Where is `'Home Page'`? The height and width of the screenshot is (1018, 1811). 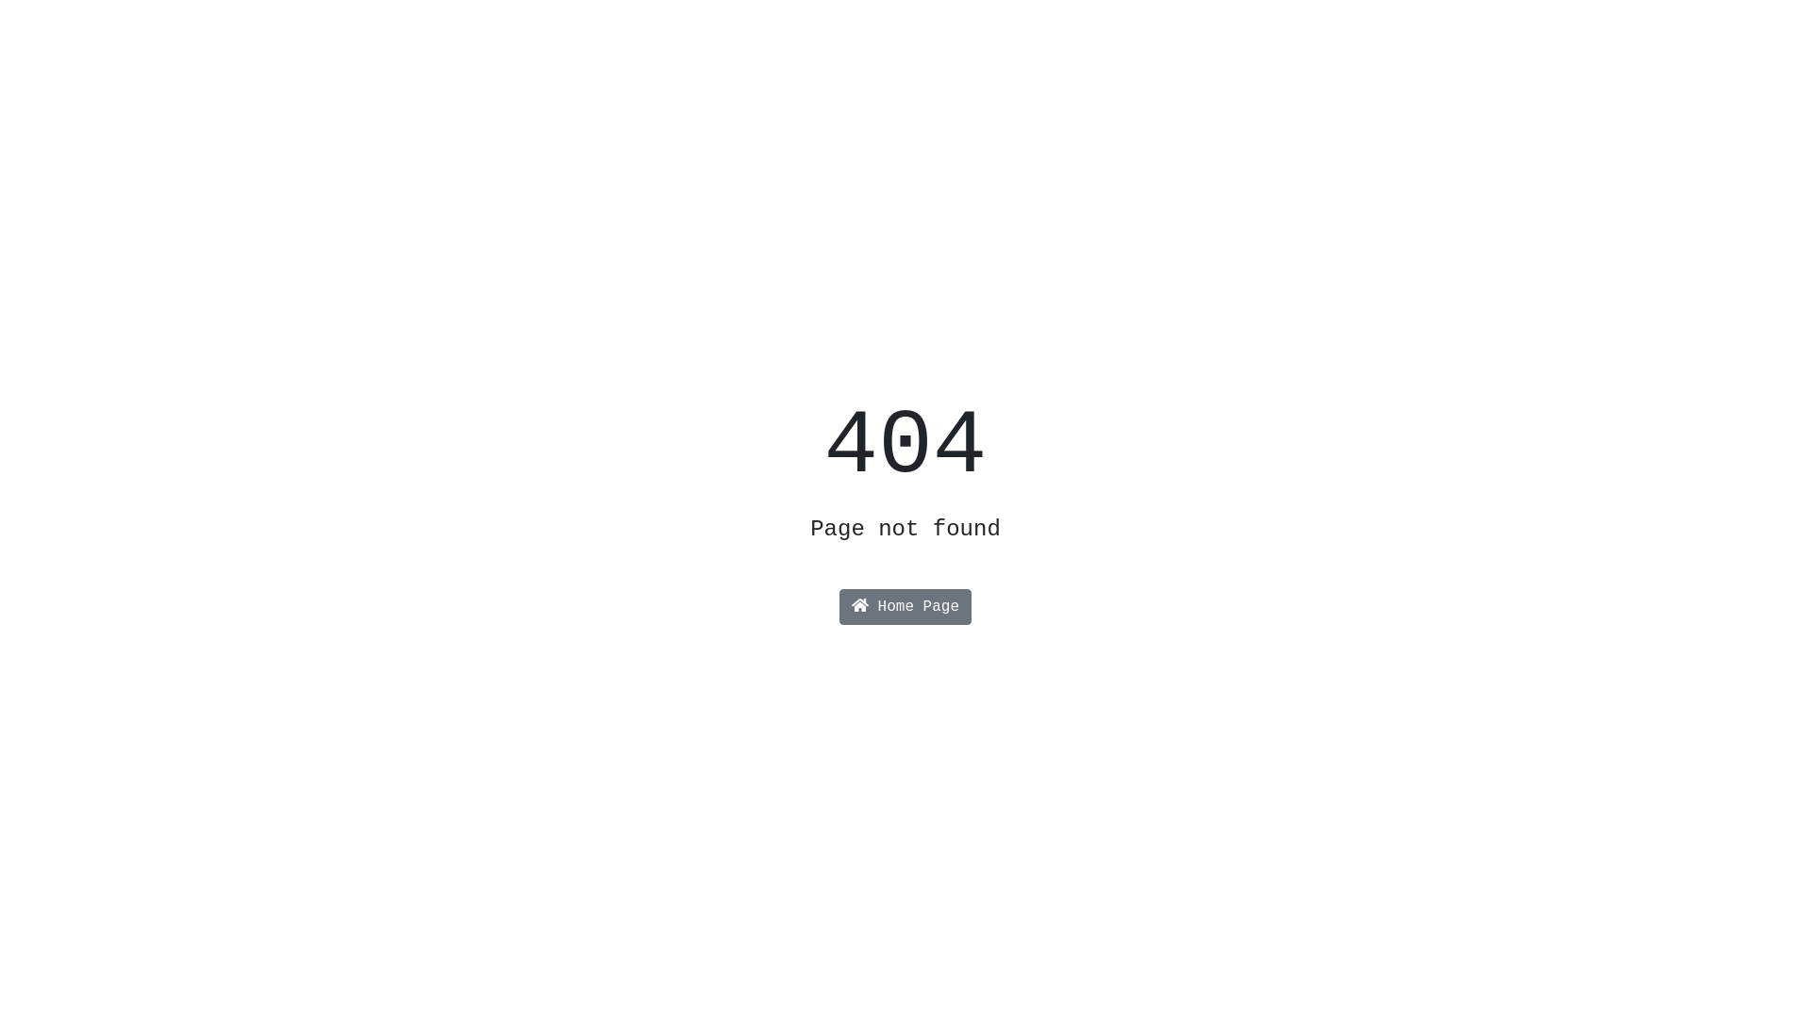
'Home Page' is located at coordinates (905, 607).